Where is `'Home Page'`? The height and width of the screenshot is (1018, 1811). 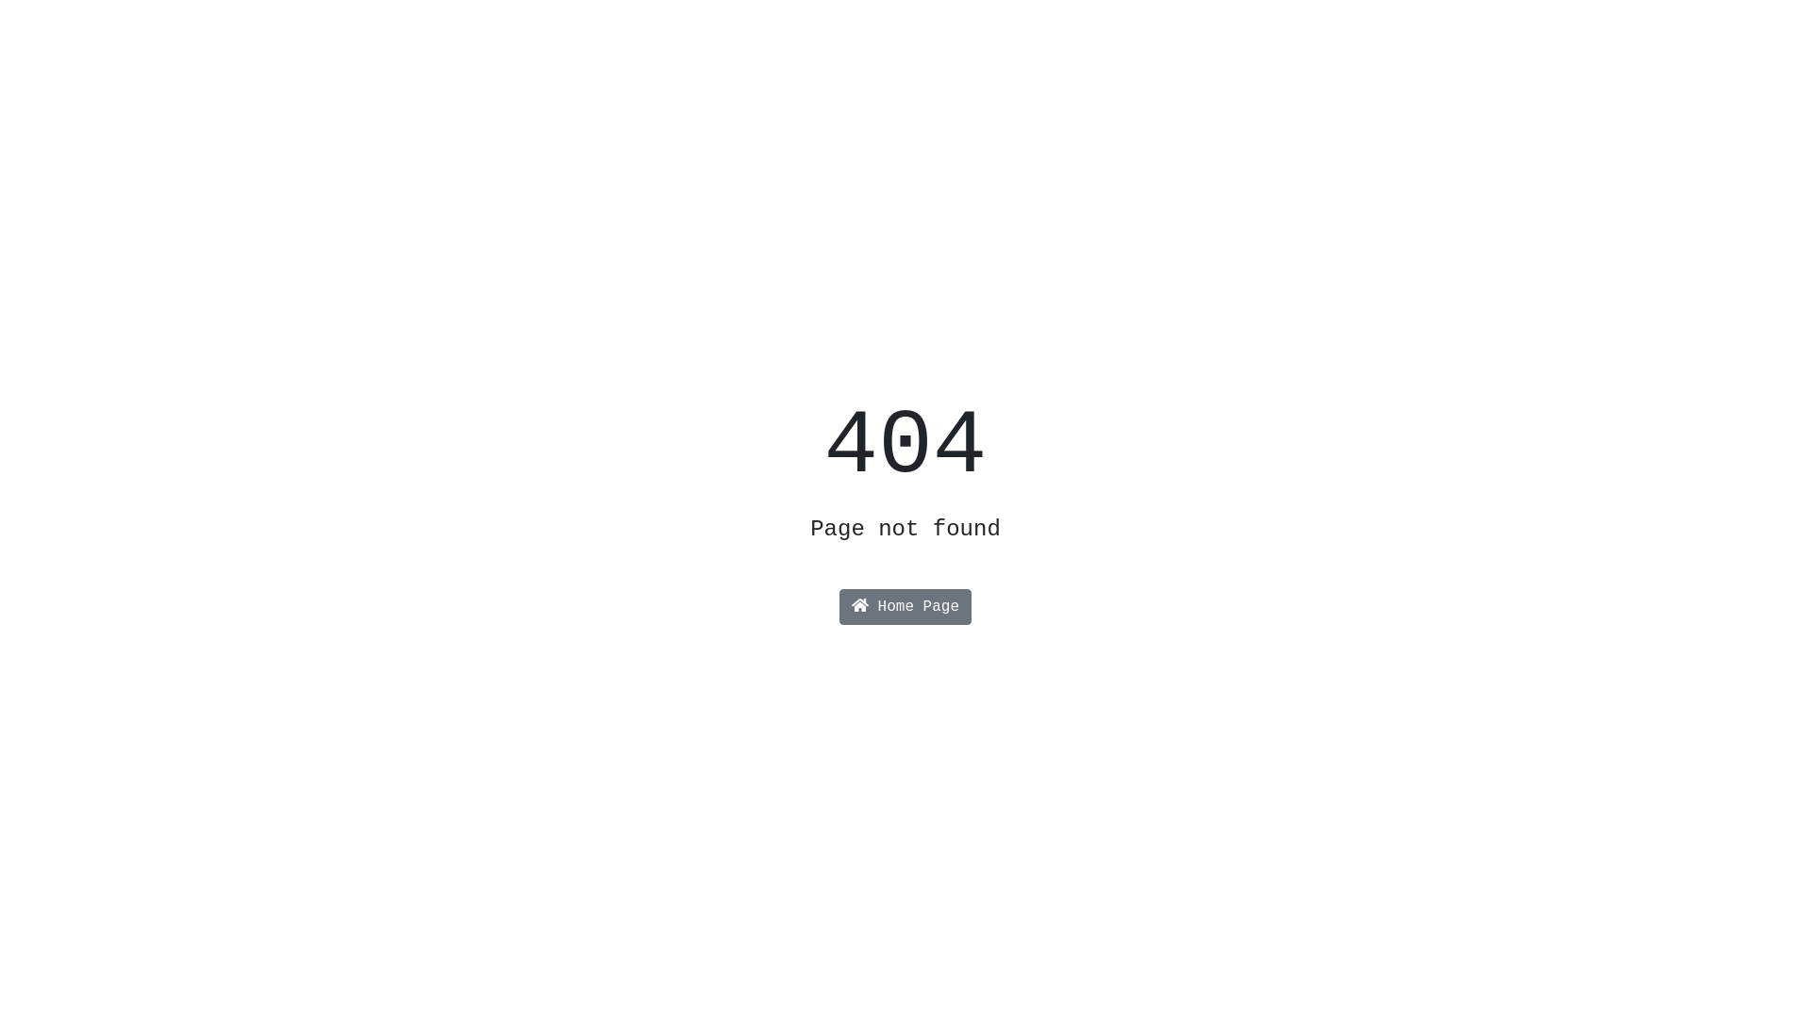
'Home Page' is located at coordinates (905, 607).